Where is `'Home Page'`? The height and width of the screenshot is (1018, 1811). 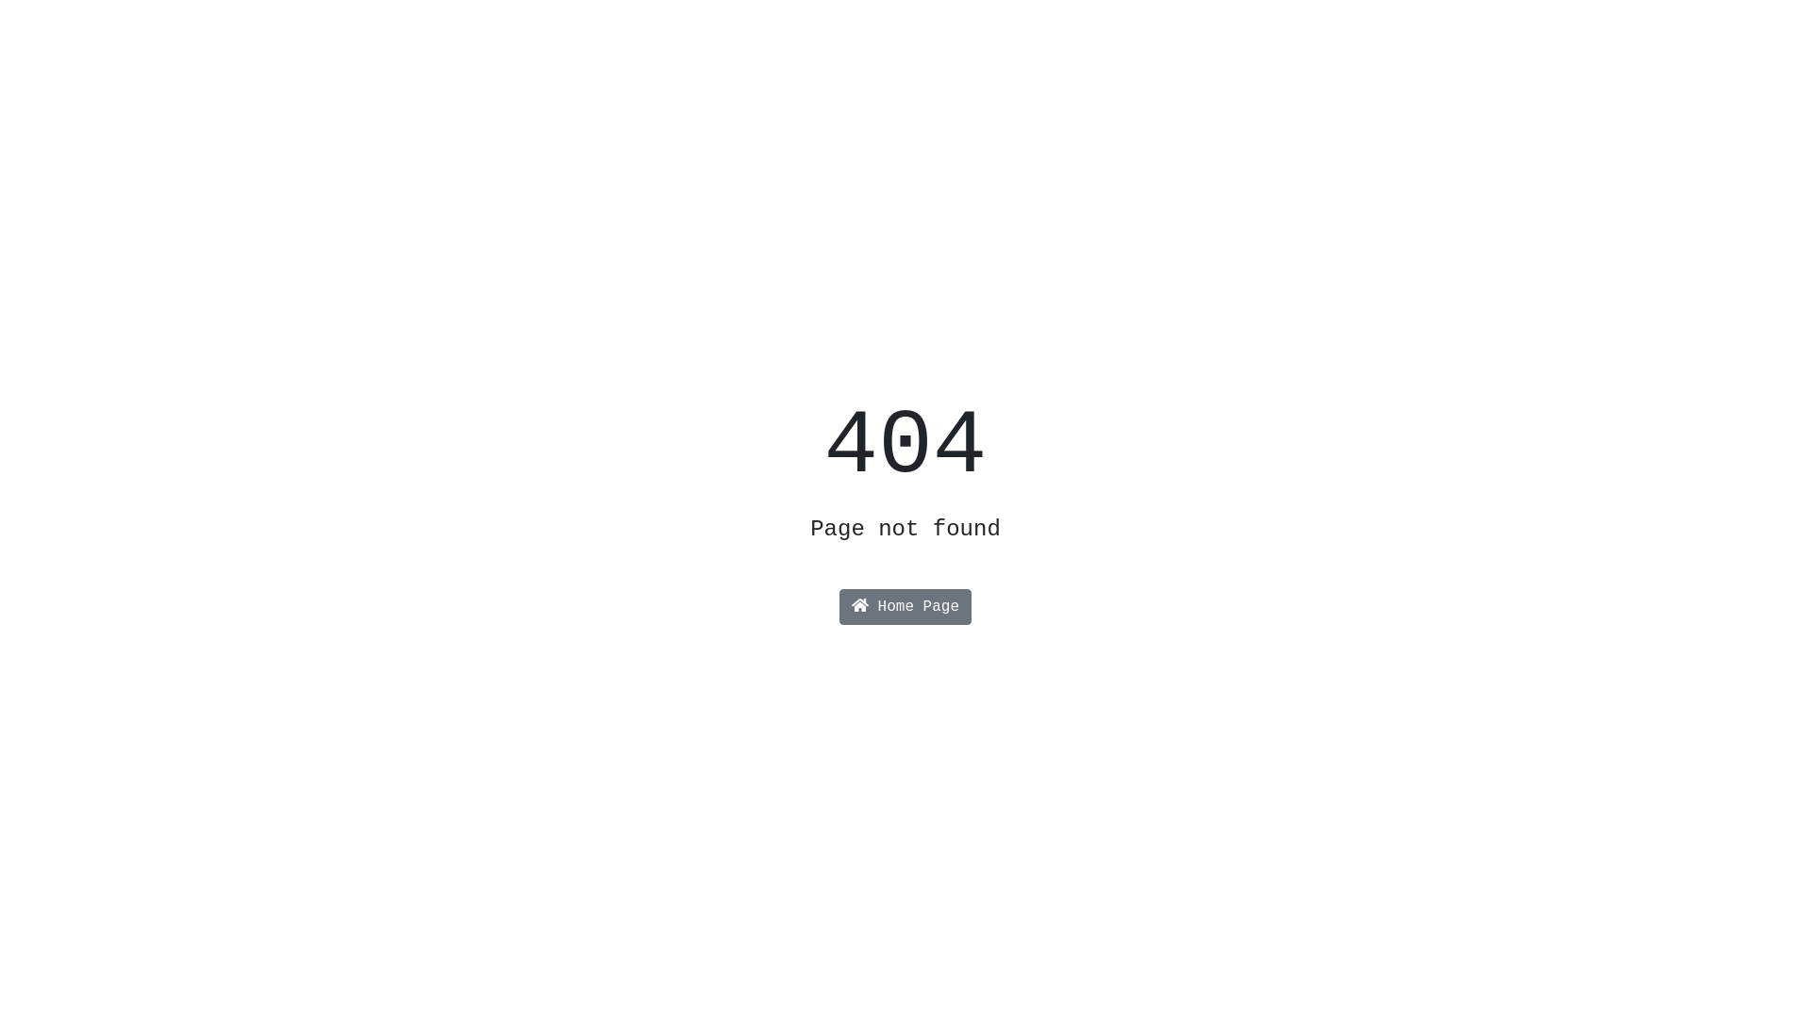
'Home Page' is located at coordinates (905, 607).